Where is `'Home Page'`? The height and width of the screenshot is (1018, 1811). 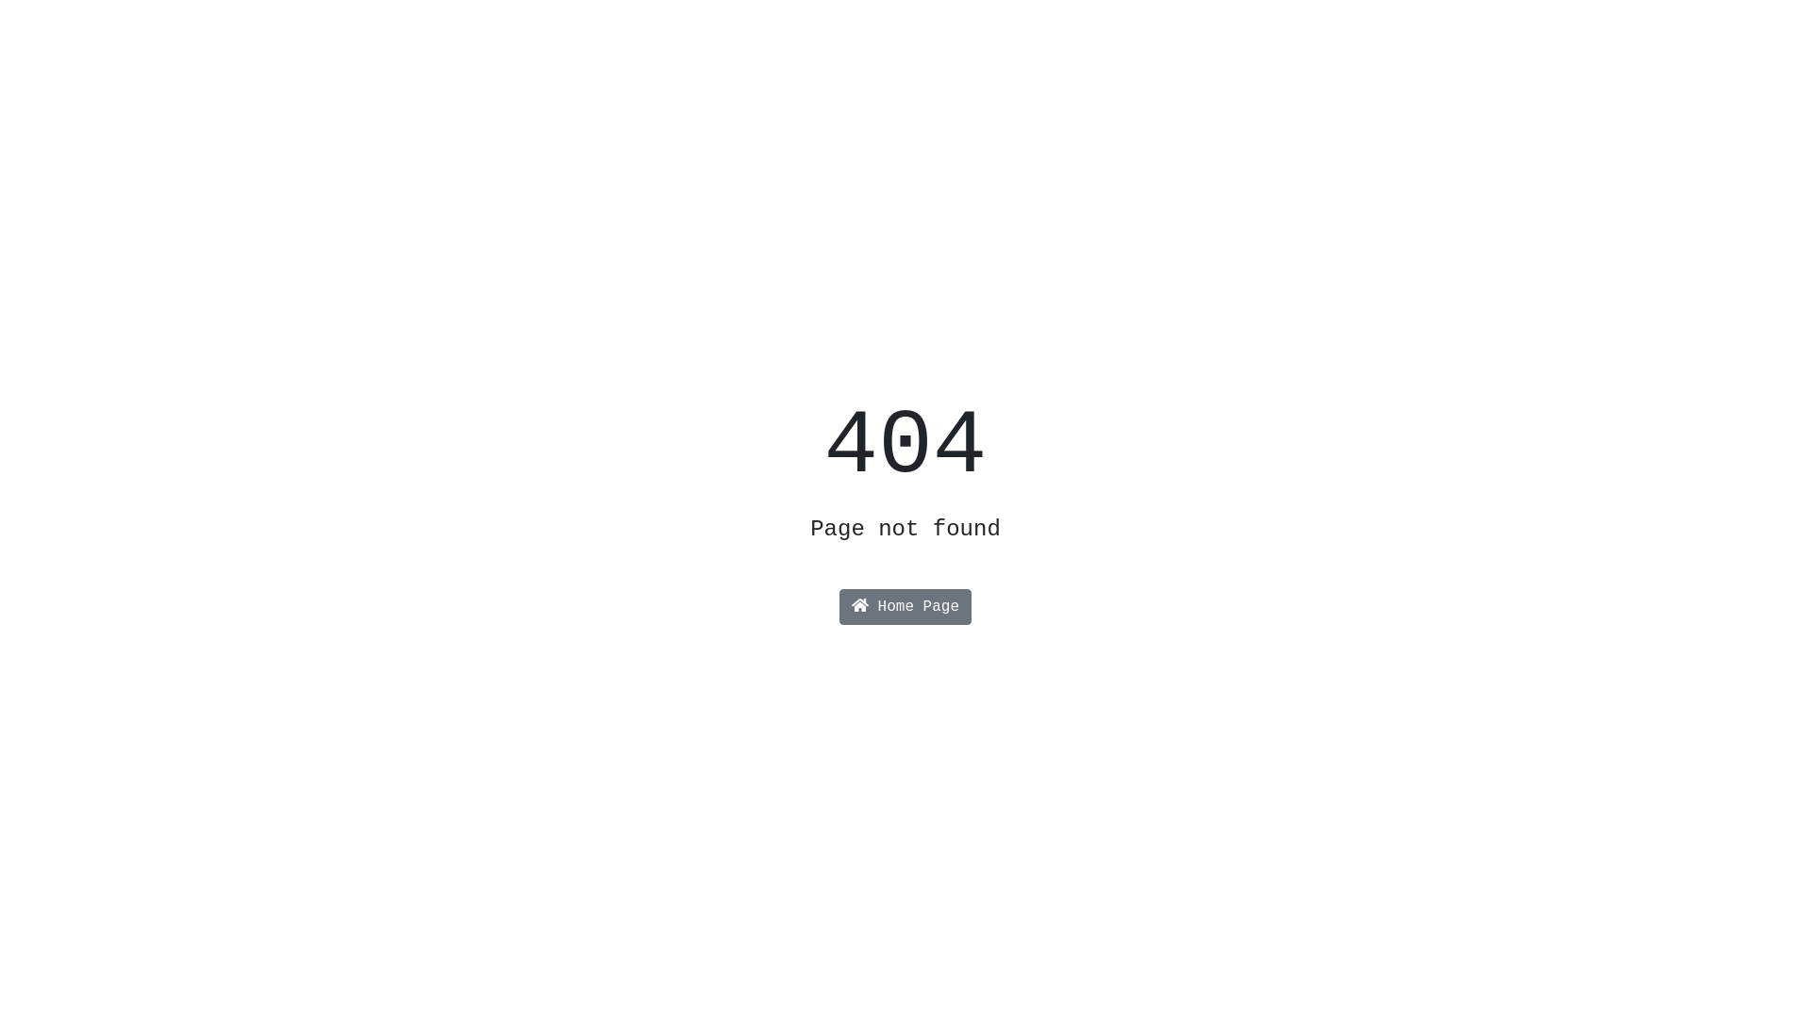
'Home Page' is located at coordinates (905, 607).